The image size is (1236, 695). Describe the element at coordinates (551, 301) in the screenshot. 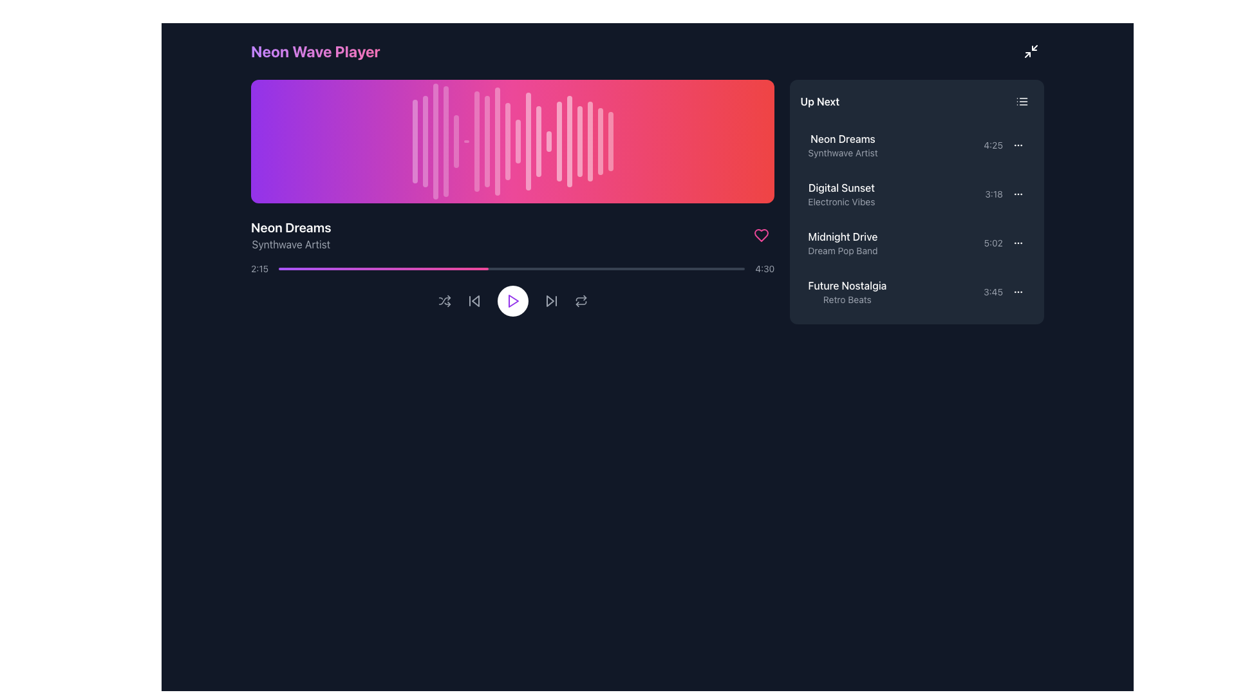

I see `the gray button with a forward arrow icon in the playback control section to change its color to white` at that location.